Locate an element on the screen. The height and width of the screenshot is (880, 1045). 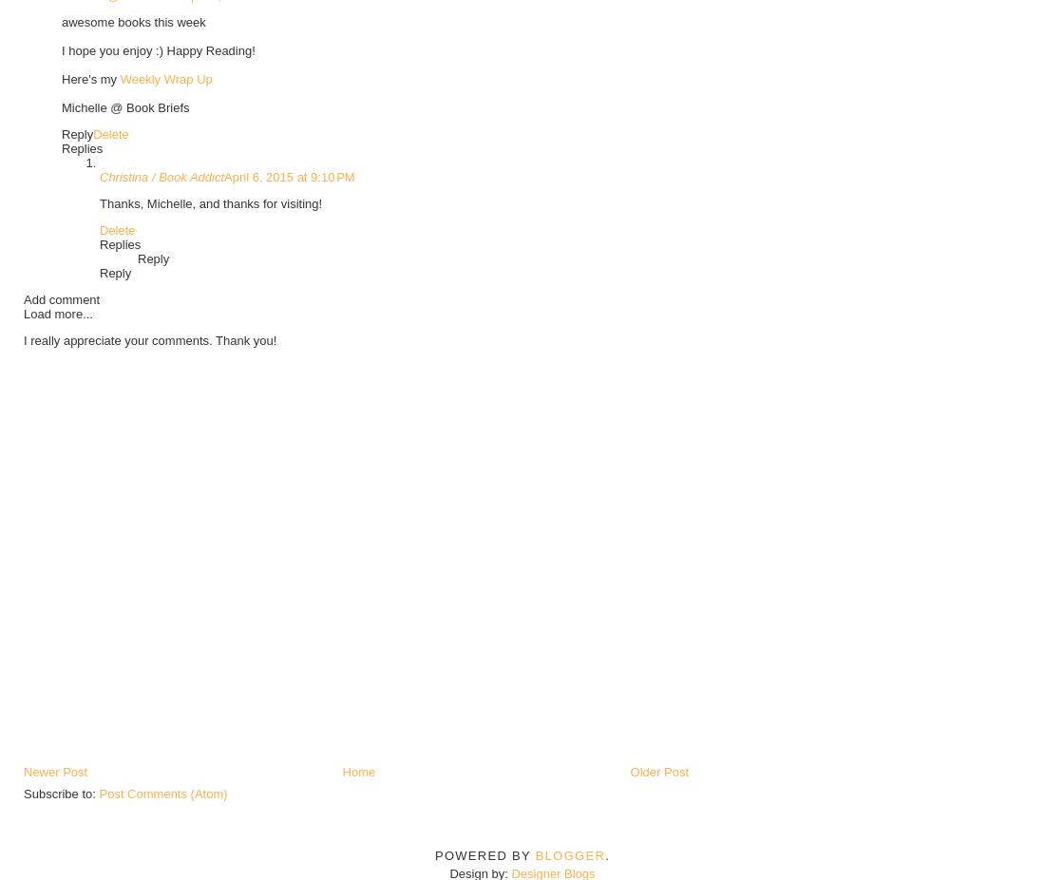
'Thanks, Michelle, and thanks for visiting!' is located at coordinates (210, 201).